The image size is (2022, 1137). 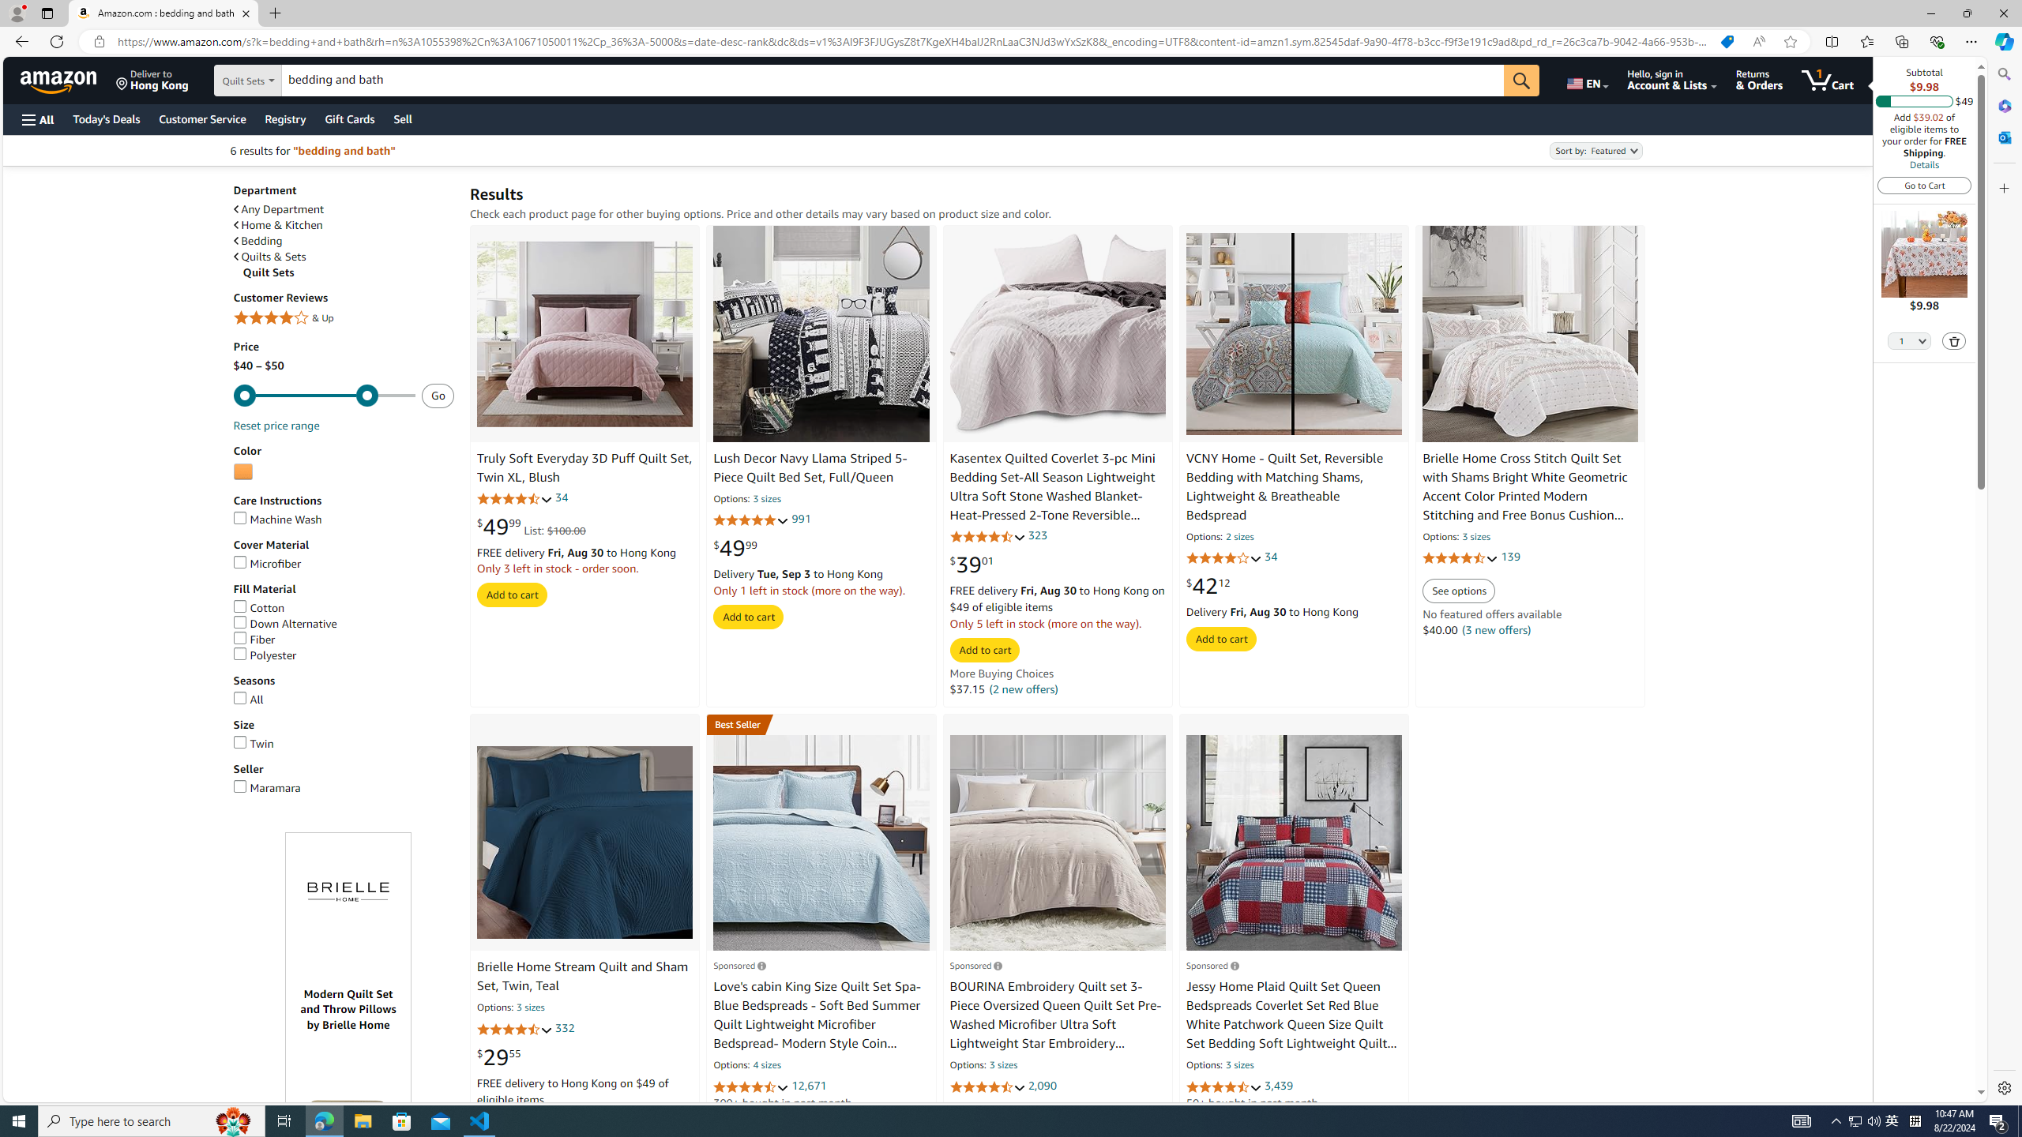 What do you see at coordinates (344, 224) in the screenshot?
I see `'Home & Kitchen'` at bounding box center [344, 224].